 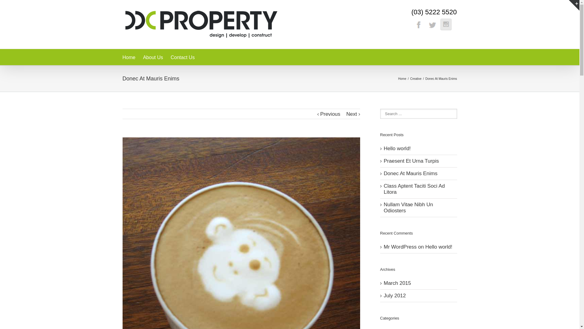 I want to click on 'About Us', so click(x=153, y=57).